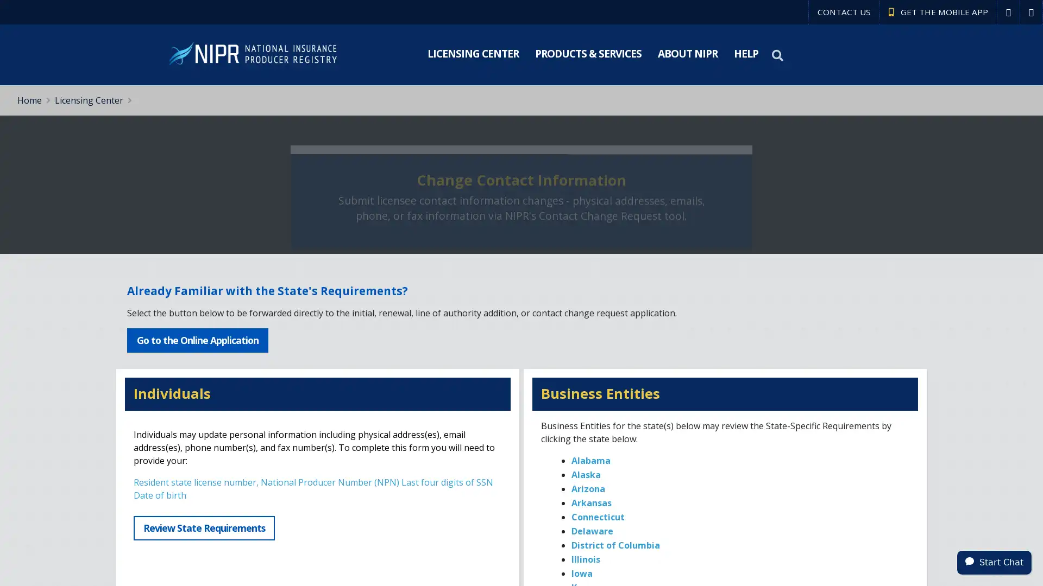 This screenshot has height=586, width=1043. I want to click on Search NIPR, so click(778, 55).